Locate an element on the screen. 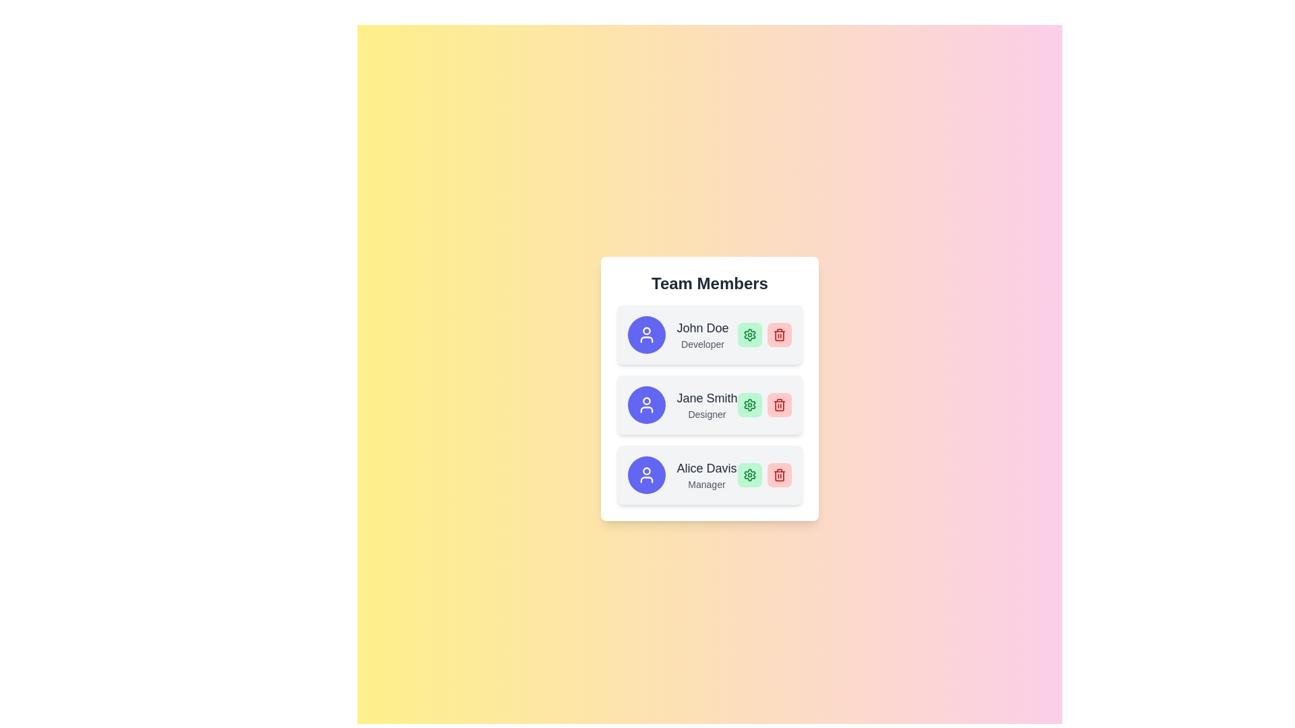 This screenshot has height=728, width=1295. the green cogwheel icon representing settings for the team member 'John Doe', who is listed as a Developer is located at coordinates (749, 334).